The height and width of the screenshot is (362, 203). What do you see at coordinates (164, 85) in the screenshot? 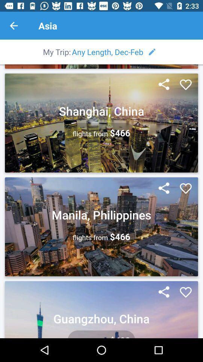
I see `share flights info` at bounding box center [164, 85].